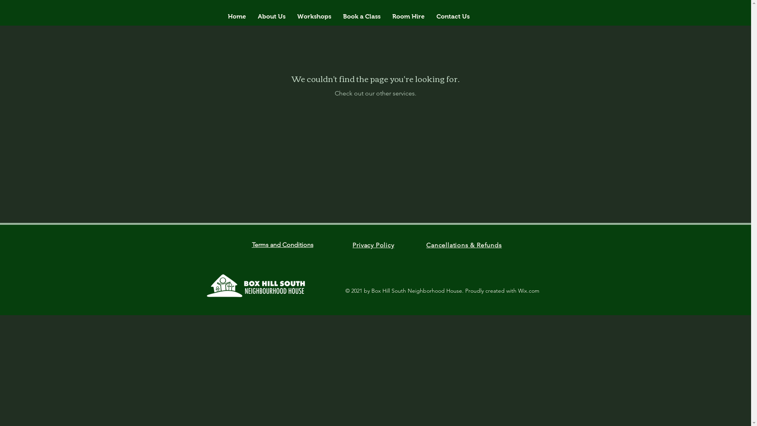 This screenshot has height=426, width=757. What do you see at coordinates (408, 17) in the screenshot?
I see `'Room Hire'` at bounding box center [408, 17].